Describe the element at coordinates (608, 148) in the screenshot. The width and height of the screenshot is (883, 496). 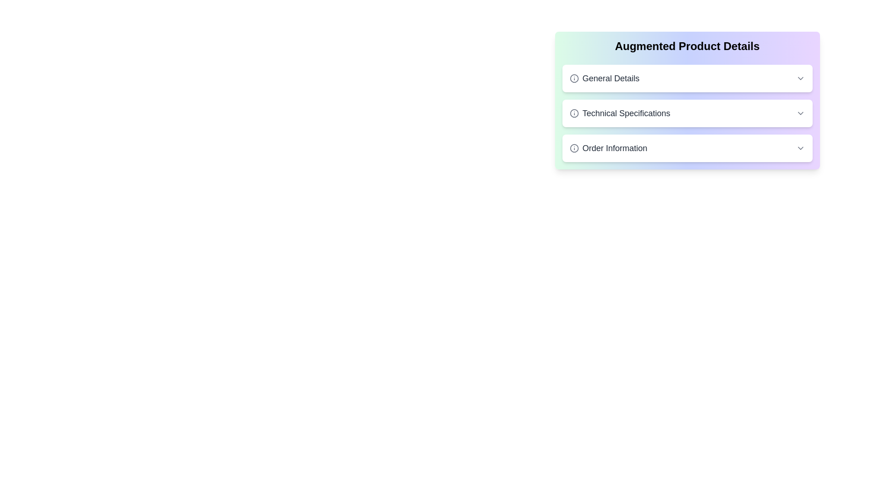
I see `the text label for 'Order Information' located under the 'Augmented Product Details' header, which is the third item in a vertically stacked list of sections` at that location.